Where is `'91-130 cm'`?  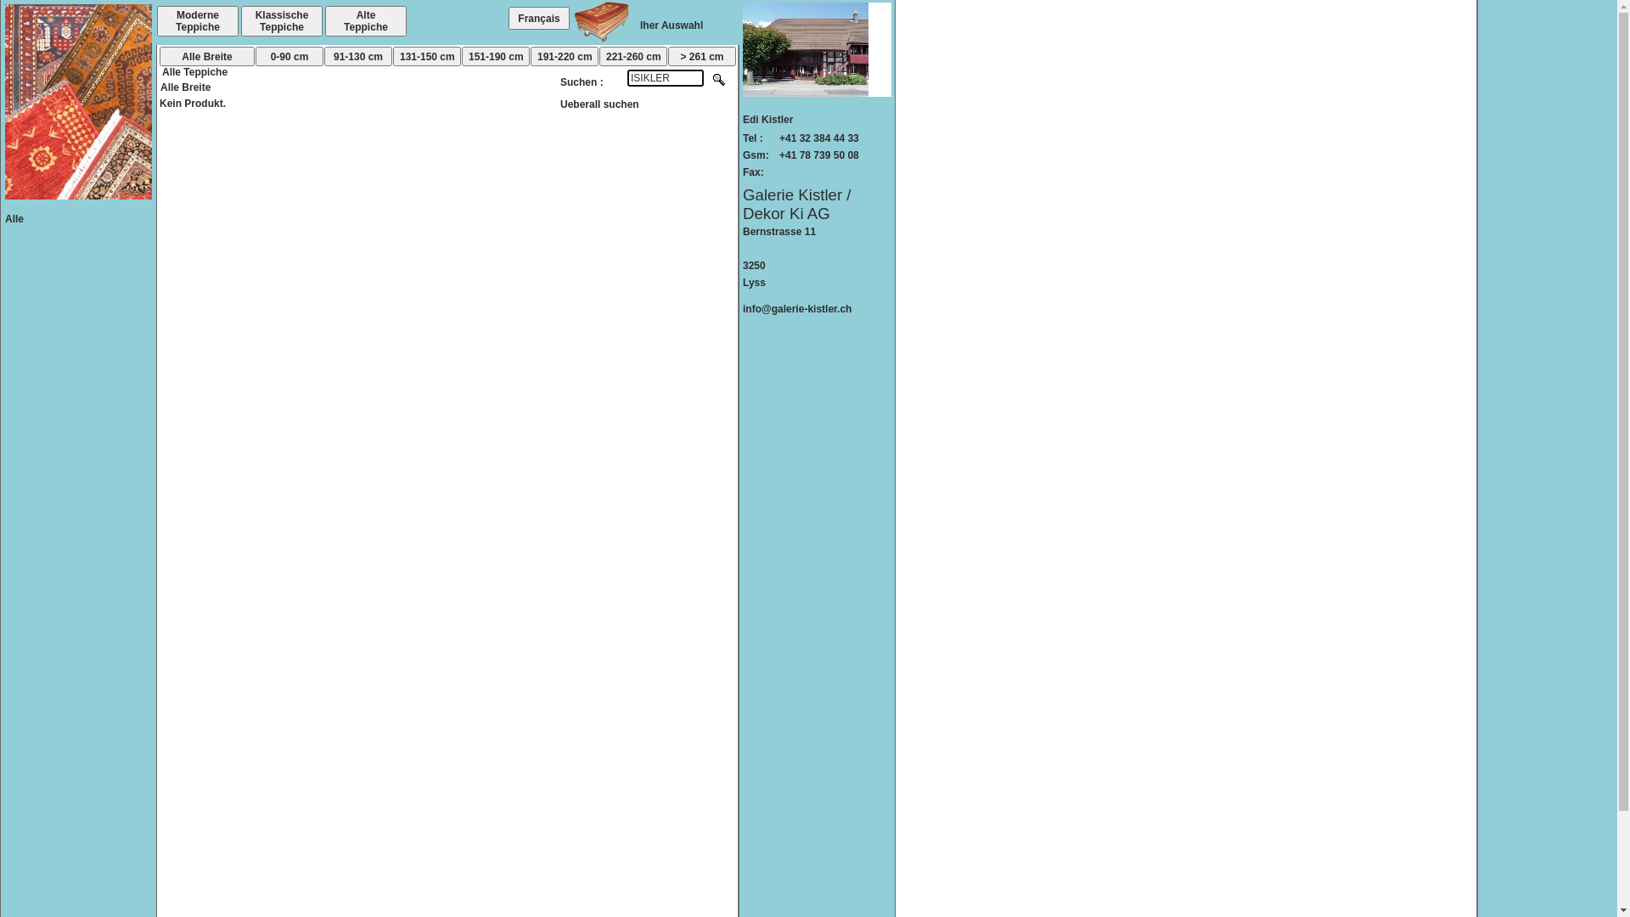
'91-130 cm' is located at coordinates (357, 55).